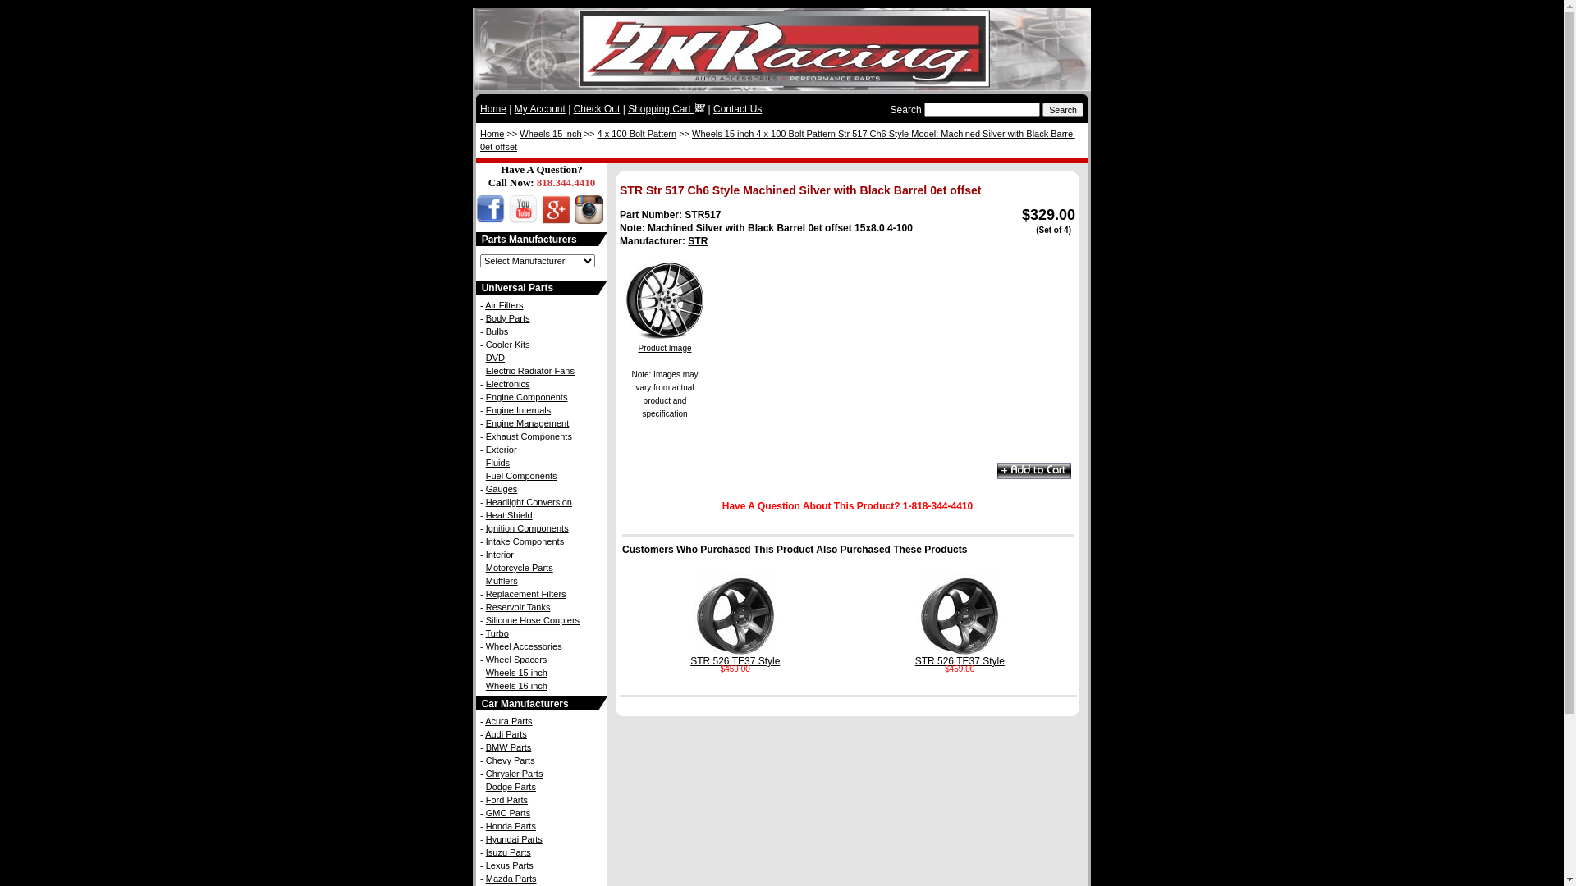  I want to click on 'Reservoir Tanks', so click(484, 607).